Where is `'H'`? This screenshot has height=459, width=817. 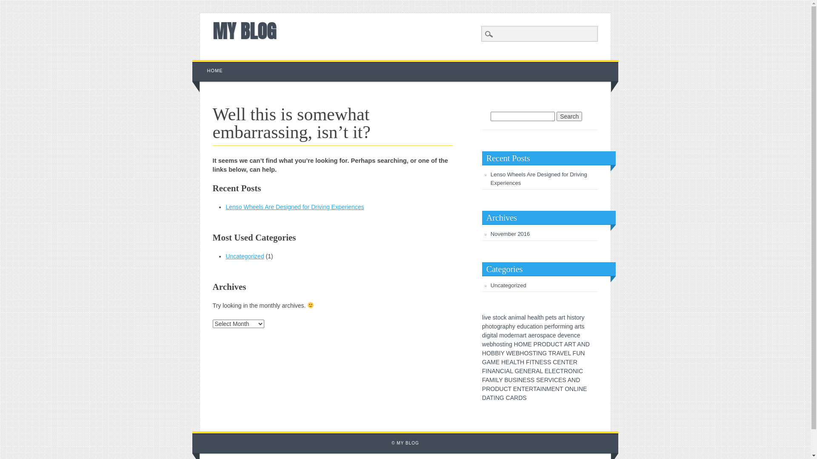 'H' is located at coordinates (522, 362).